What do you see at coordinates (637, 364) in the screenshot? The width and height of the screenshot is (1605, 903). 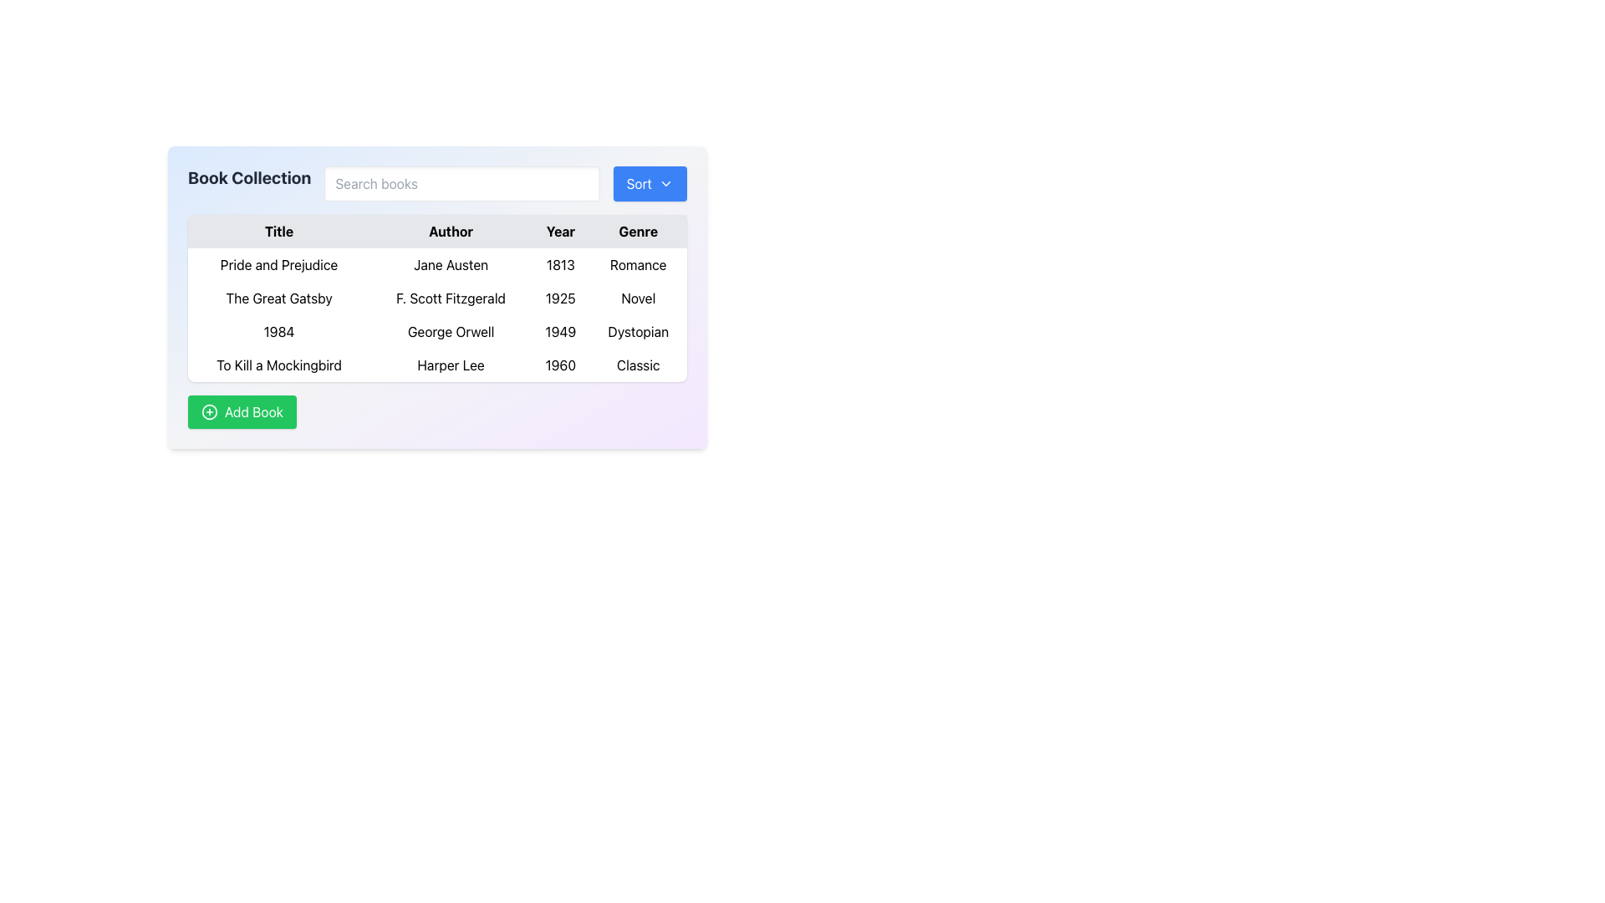 I see `text label containing the word 'Classic' located in the 'Genre' column of the table for the book 'To Kill a Mockingbird'` at bounding box center [637, 364].